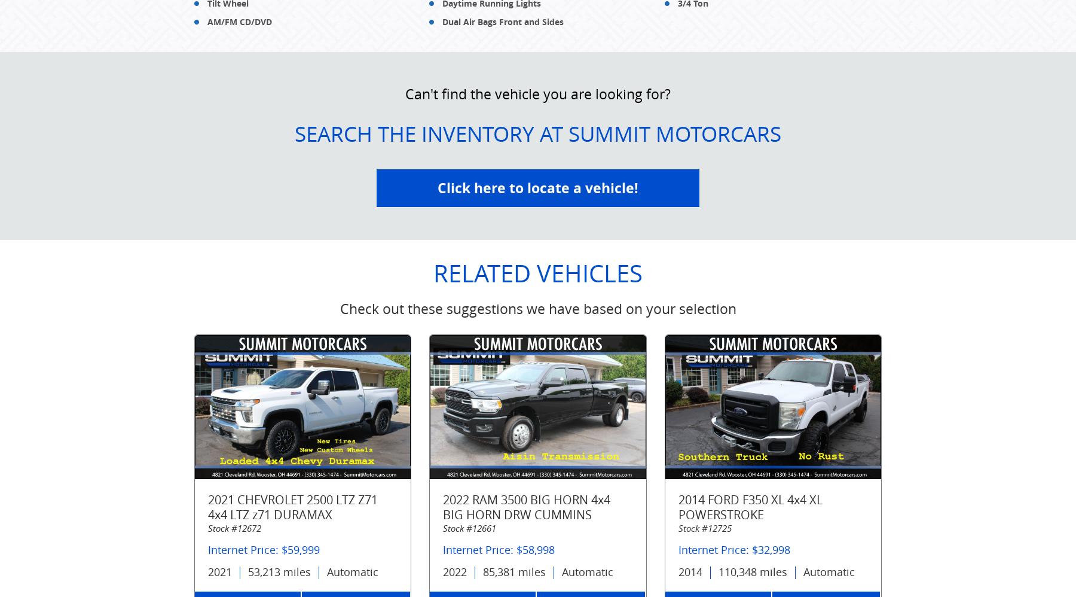 The width and height of the screenshot is (1076, 597). Describe the element at coordinates (442, 528) in the screenshot. I see `'Stock #12661'` at that location.